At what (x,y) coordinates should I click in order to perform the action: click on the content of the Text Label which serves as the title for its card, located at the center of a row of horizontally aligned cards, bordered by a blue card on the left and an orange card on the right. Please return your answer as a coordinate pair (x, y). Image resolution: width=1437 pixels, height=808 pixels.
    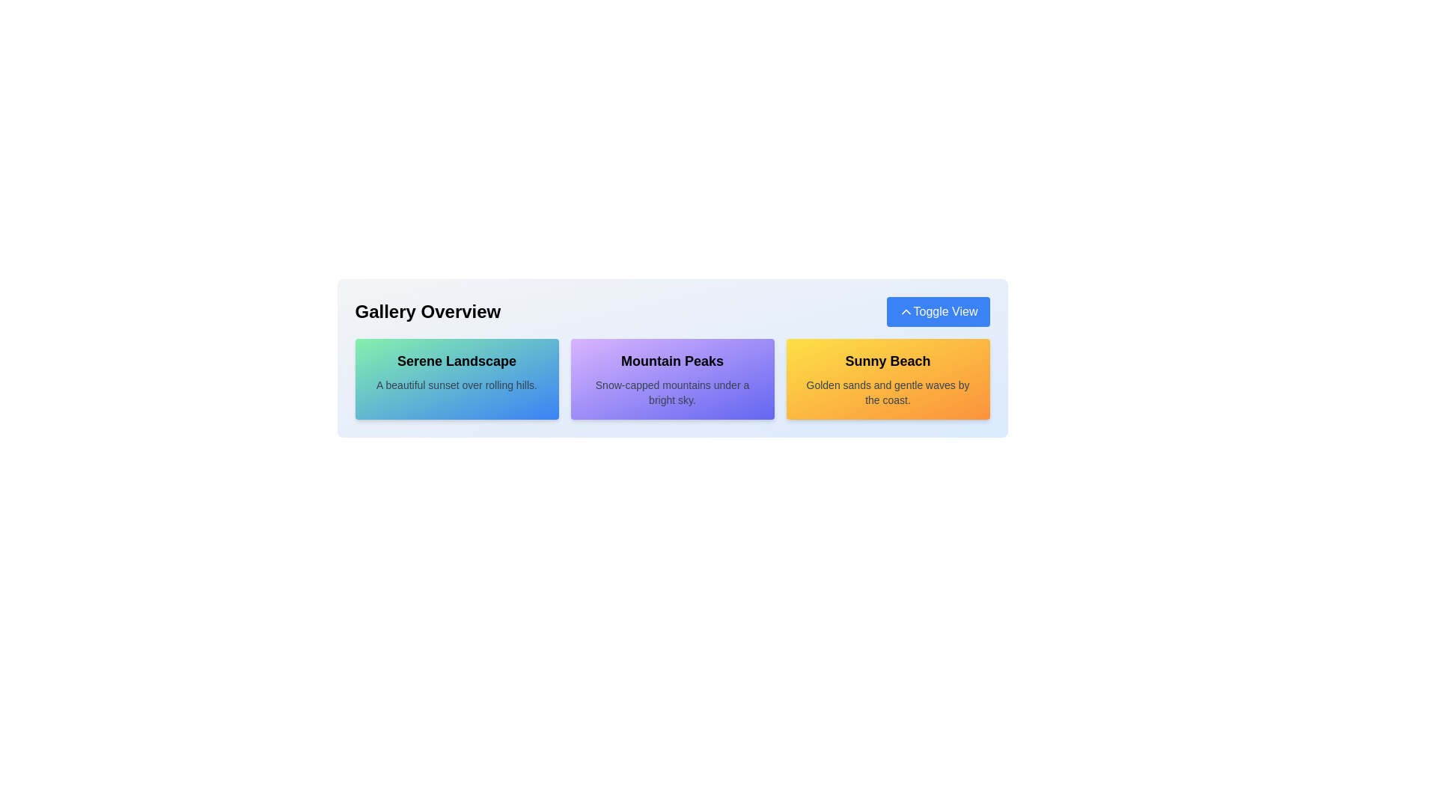
    Looking at the image, I should click on (671, 361).